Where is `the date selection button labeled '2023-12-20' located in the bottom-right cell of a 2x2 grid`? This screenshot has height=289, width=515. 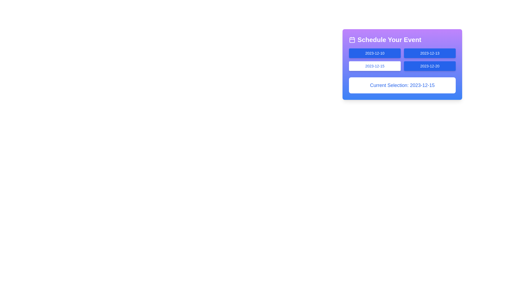 the date selection button labeled '2023-12-20' located in the bottom-right cell of a 2x2 grid is located at coordinates (430, 66).